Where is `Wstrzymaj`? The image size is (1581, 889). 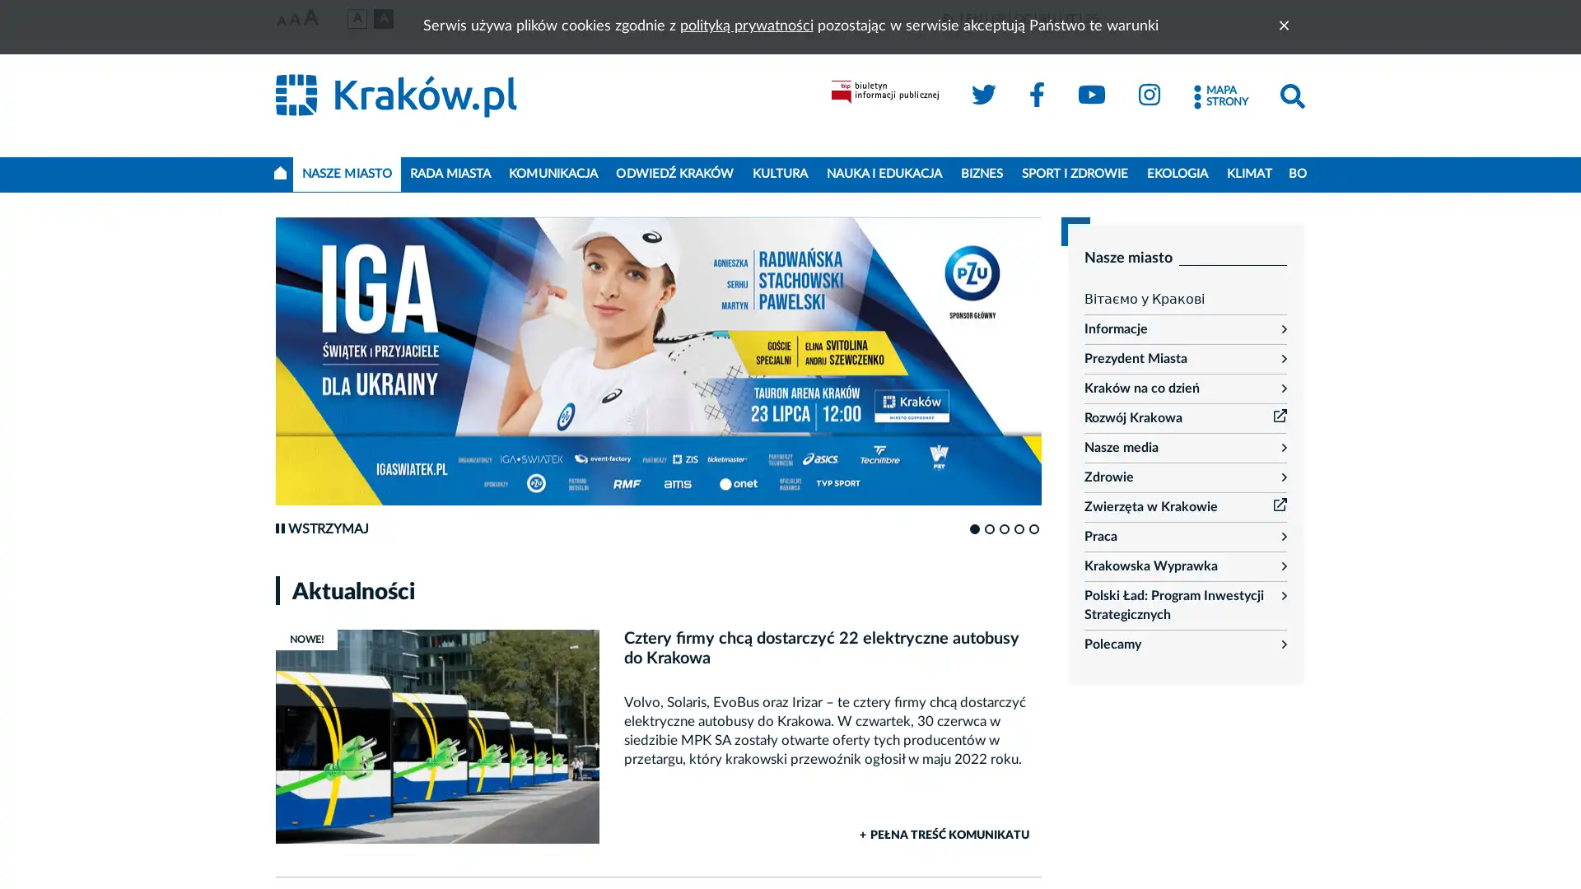 Wstrzymaj is located at coordinates (321, 529).